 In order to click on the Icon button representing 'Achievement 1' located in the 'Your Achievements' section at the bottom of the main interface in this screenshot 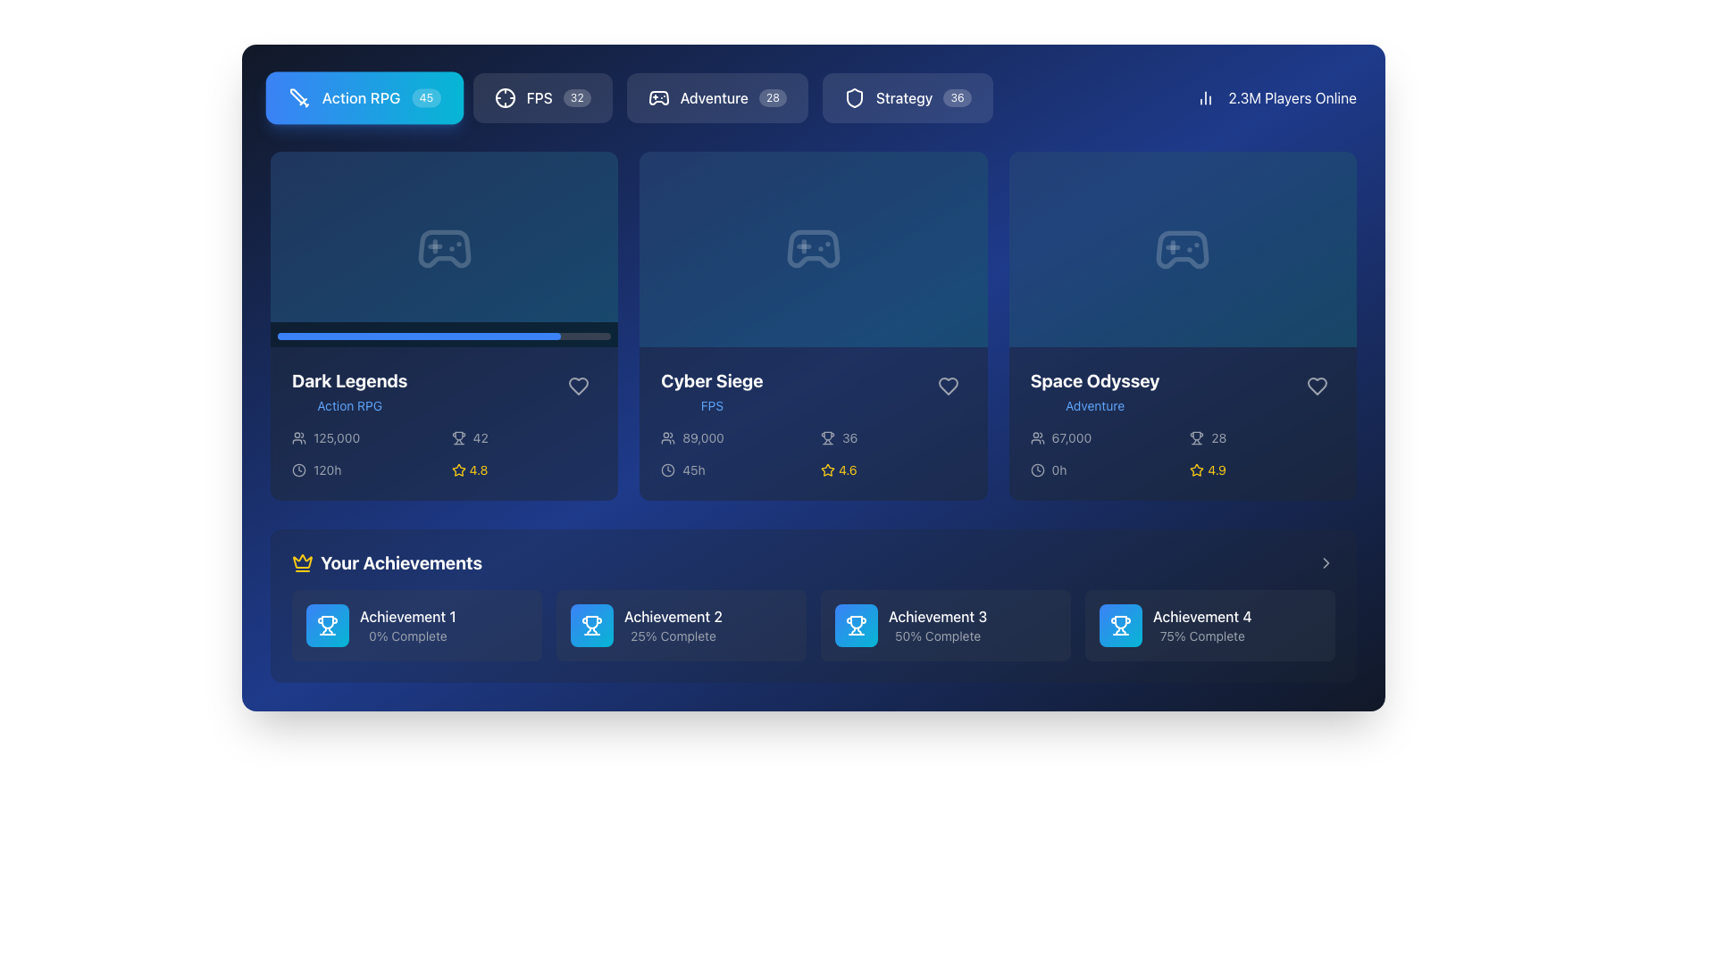, I will do `click(327, 625)`.